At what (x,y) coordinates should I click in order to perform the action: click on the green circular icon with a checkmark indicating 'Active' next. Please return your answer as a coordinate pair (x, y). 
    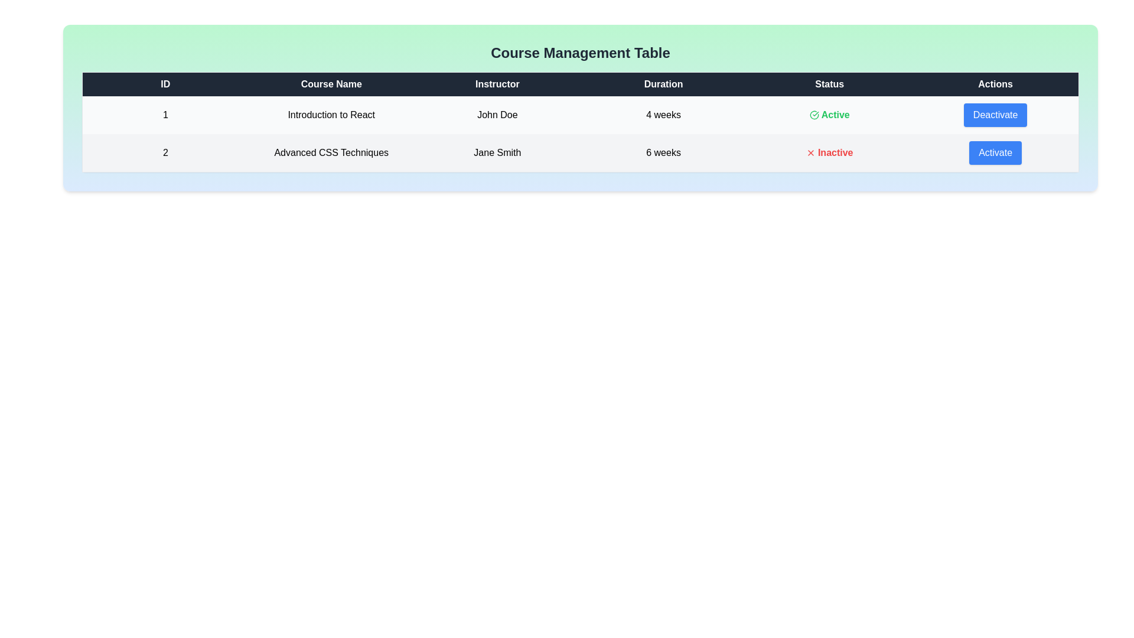
    Looking at the image, I should click on (813, 115).